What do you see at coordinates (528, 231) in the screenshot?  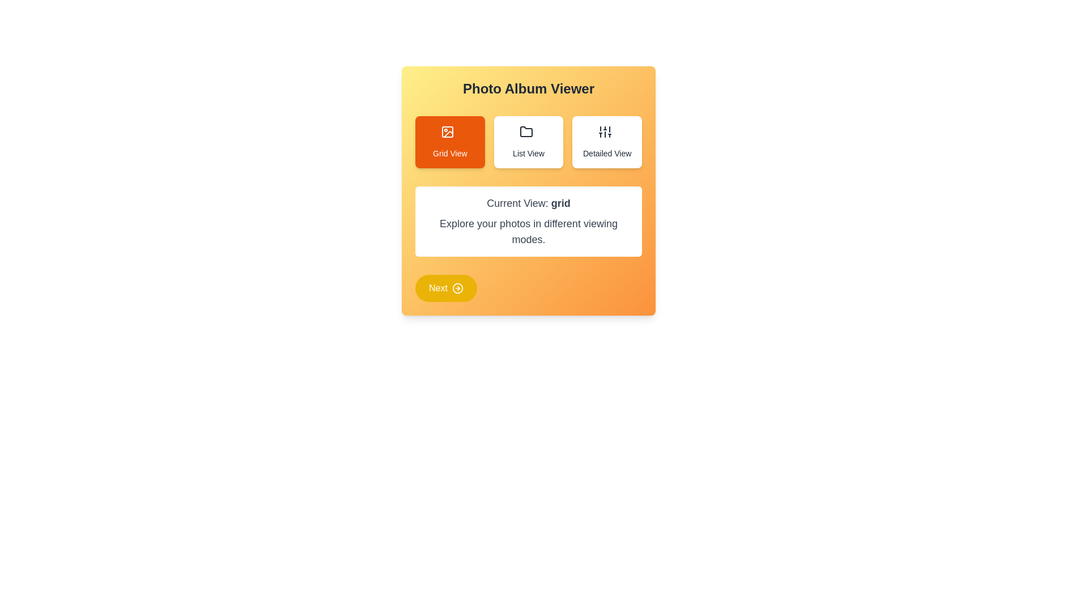 I see `informational Text Label located below the 'Current View: grid' label, which explains the purpose or options available for photo viewing modes` at bounding box center [528, 231].